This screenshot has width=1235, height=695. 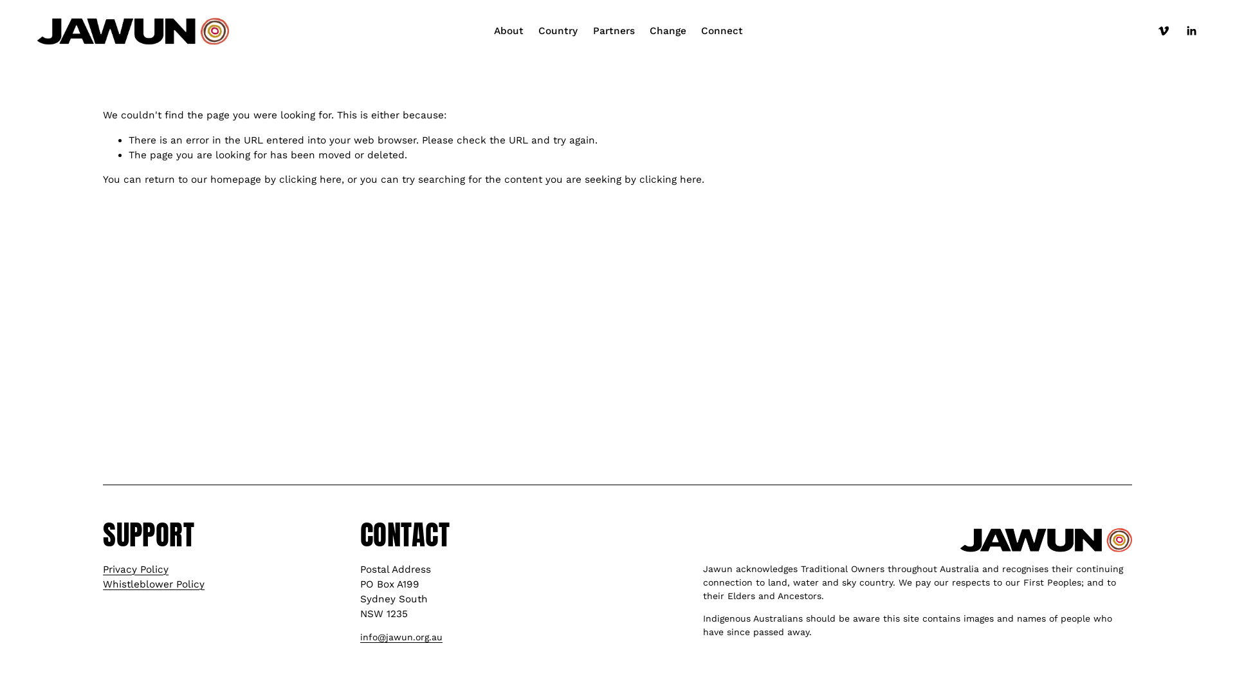 What do you see at coordinates (136, 569) in the screenshot?
I see `'Privacy Policy'` at bounding box center [136, 569].